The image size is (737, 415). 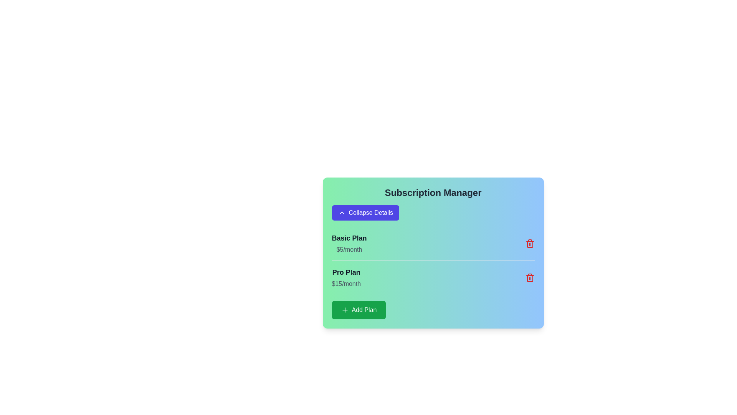 What do you see at coordinates (365, 213) in the screenshot?
I see `the collapse/expand button at the top of the 'Subscription Manager' section` at bounding box center [365, 213].